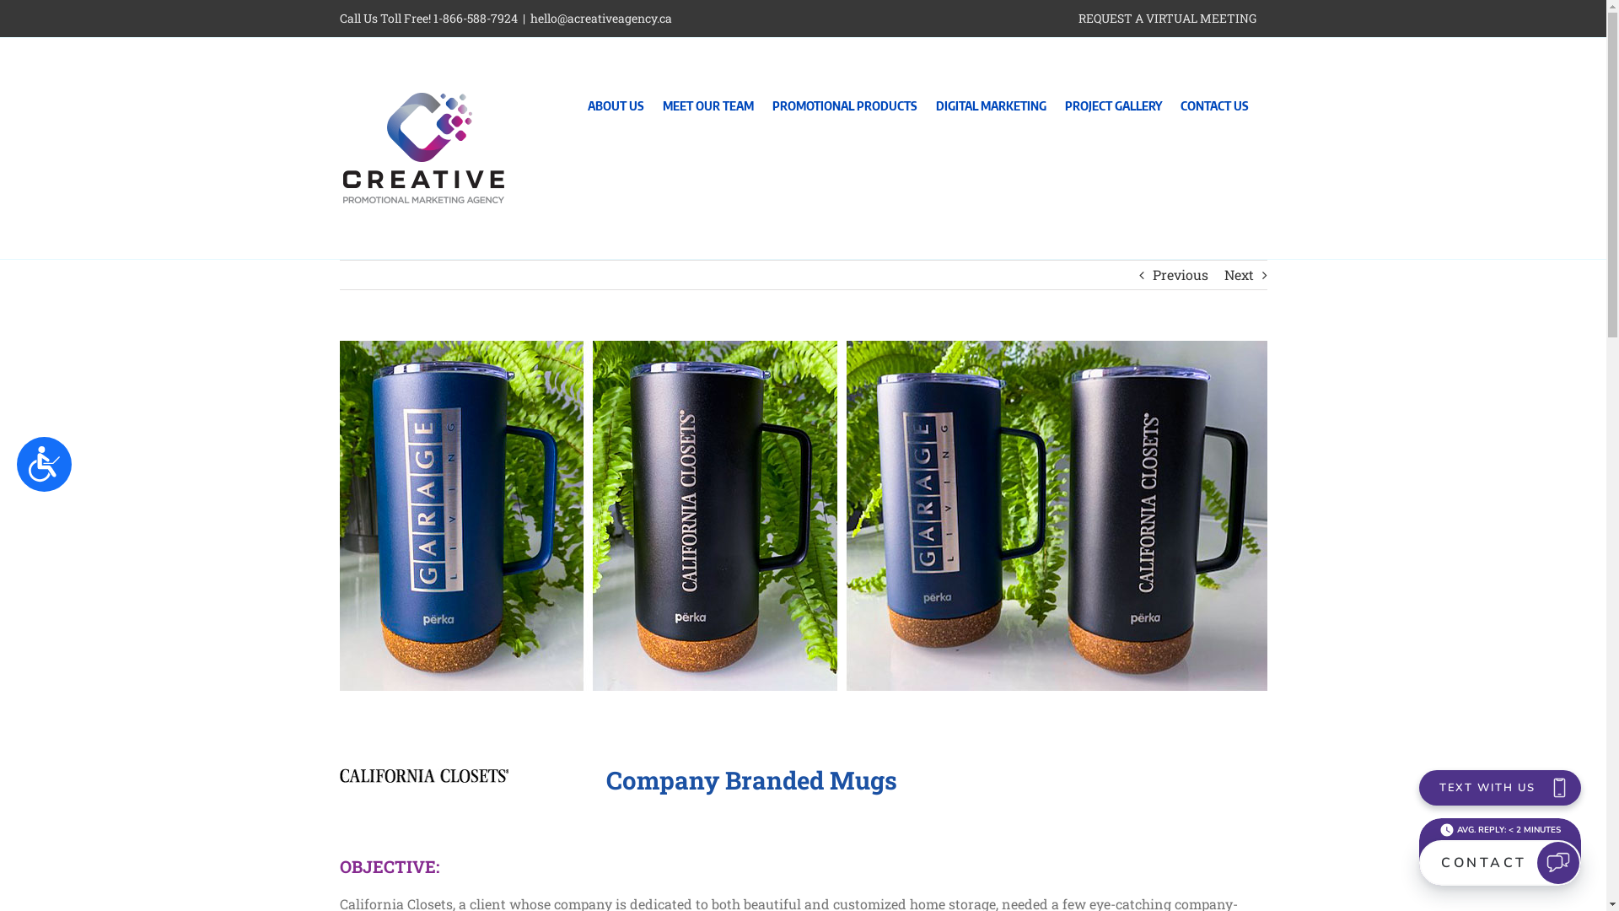 The width and height of the screenshot is (1619, 911). I want to click on 'MEET OUR TEAM', so click(708, 100).